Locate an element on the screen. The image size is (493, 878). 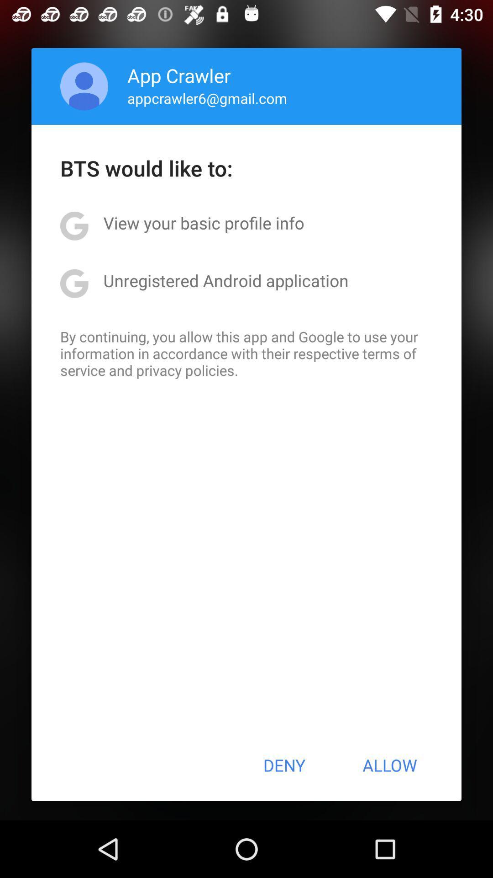
the deny at the bottom is located at coordinates (283, 765).